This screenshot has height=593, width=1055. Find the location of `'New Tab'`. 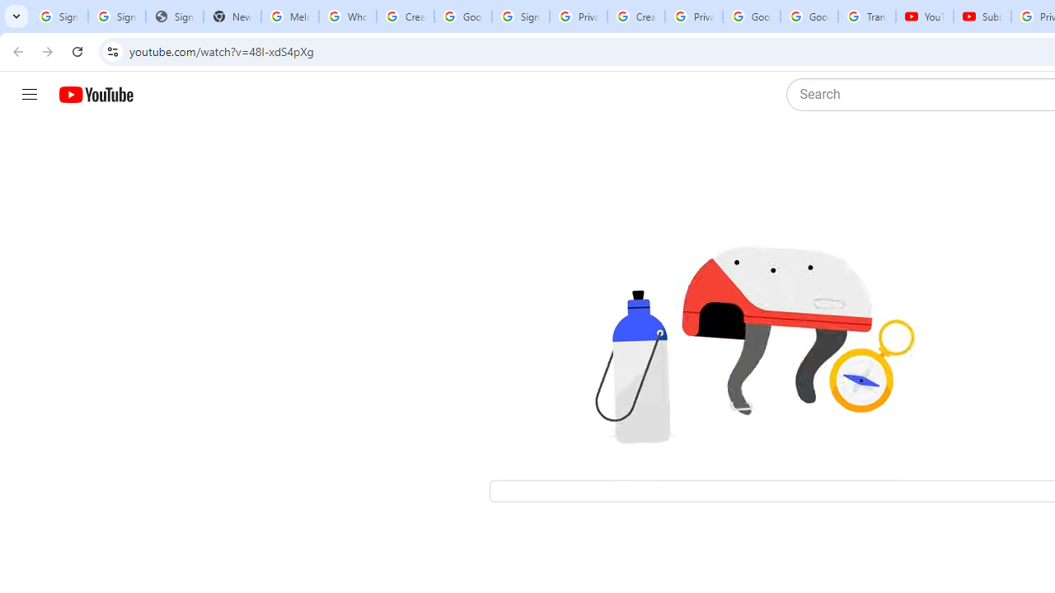

'New Tab' is located at coordinates (232, 16).